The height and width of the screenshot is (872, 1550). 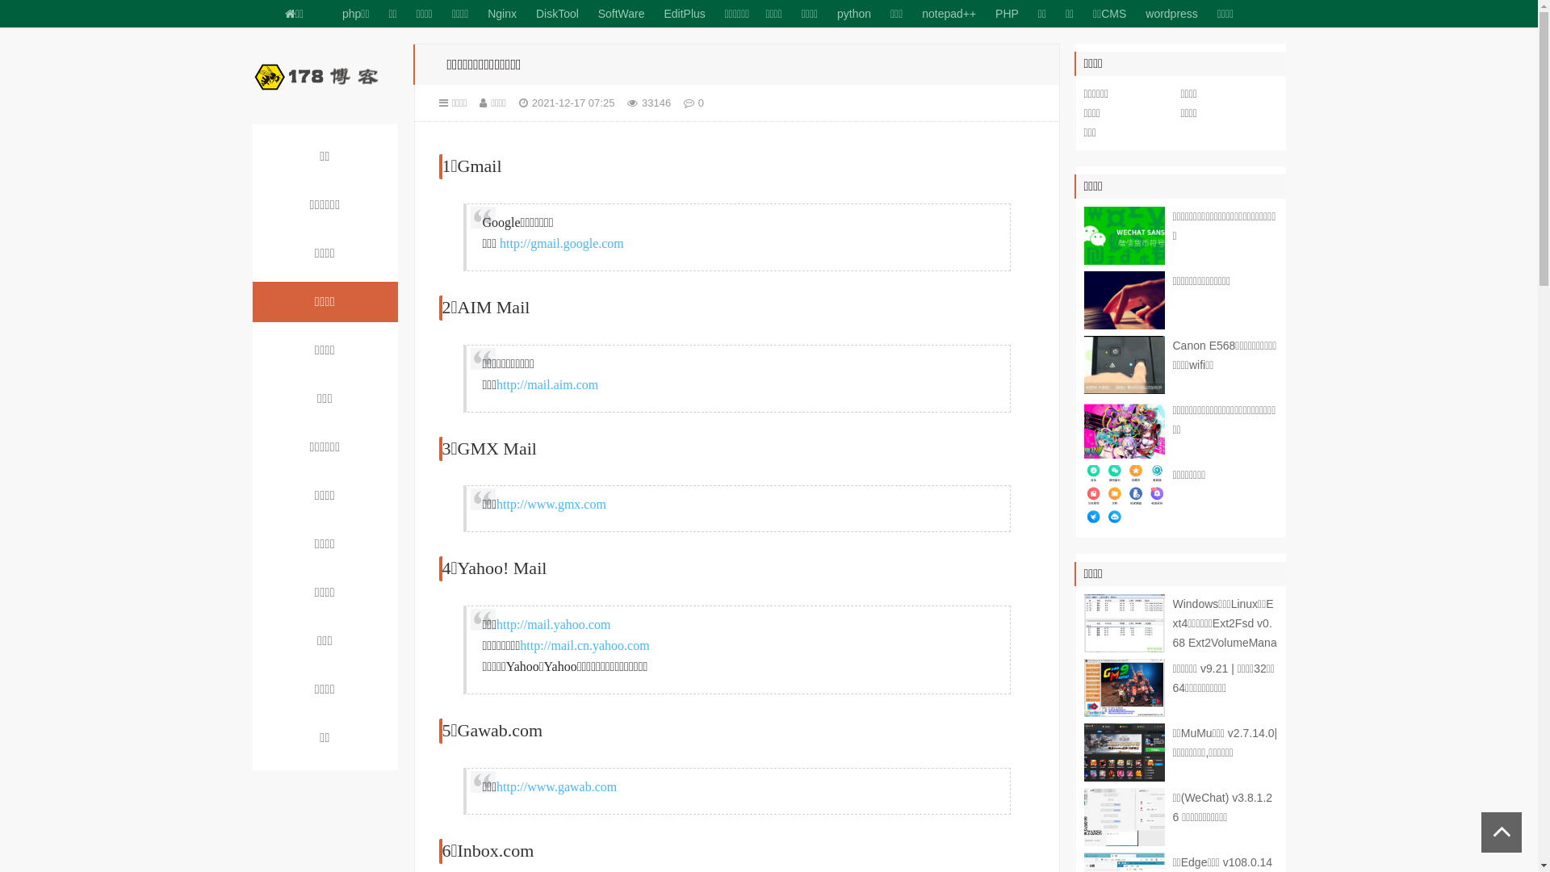 I want to click on 'http://gmail.google.com', so click(x=562, y=243).